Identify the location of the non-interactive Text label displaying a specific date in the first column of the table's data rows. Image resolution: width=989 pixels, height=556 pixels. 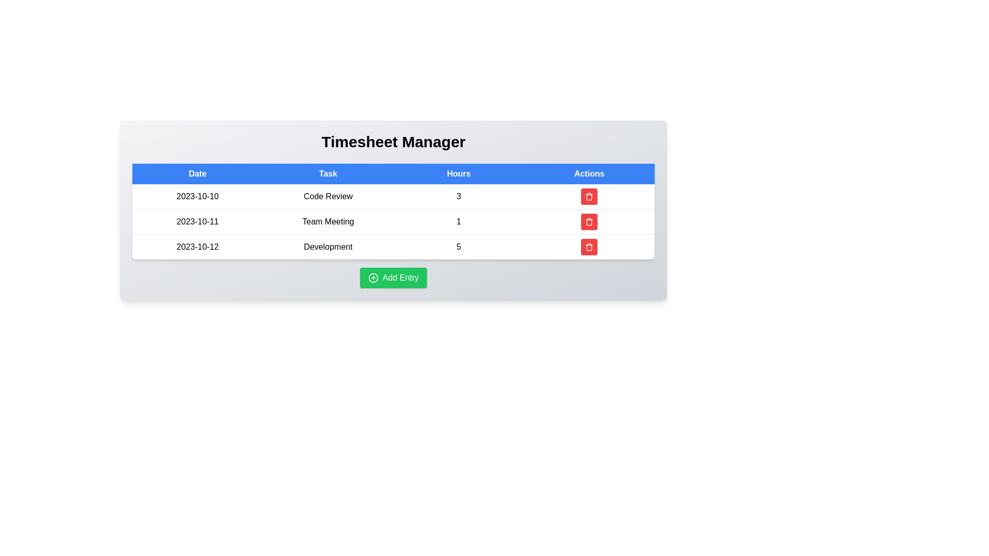
(197, 197).